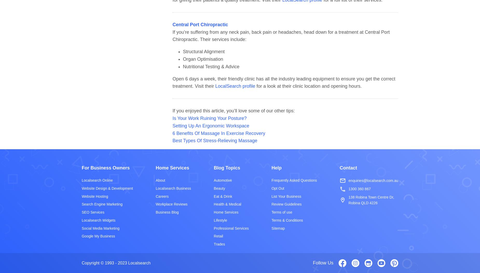 The image size is (480, 273). Describe the element at coordinates (235, 86) in the screenshot. I see `'LocalSearch profile'` at that location.